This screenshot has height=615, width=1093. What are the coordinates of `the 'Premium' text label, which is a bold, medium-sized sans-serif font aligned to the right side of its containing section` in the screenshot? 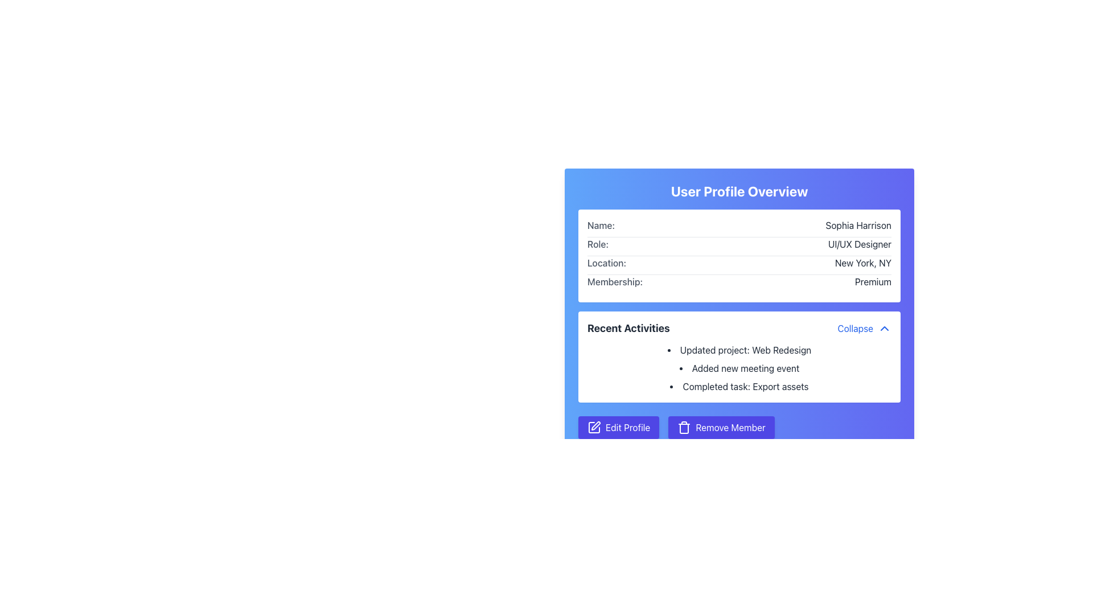 It's located at (872, 281).